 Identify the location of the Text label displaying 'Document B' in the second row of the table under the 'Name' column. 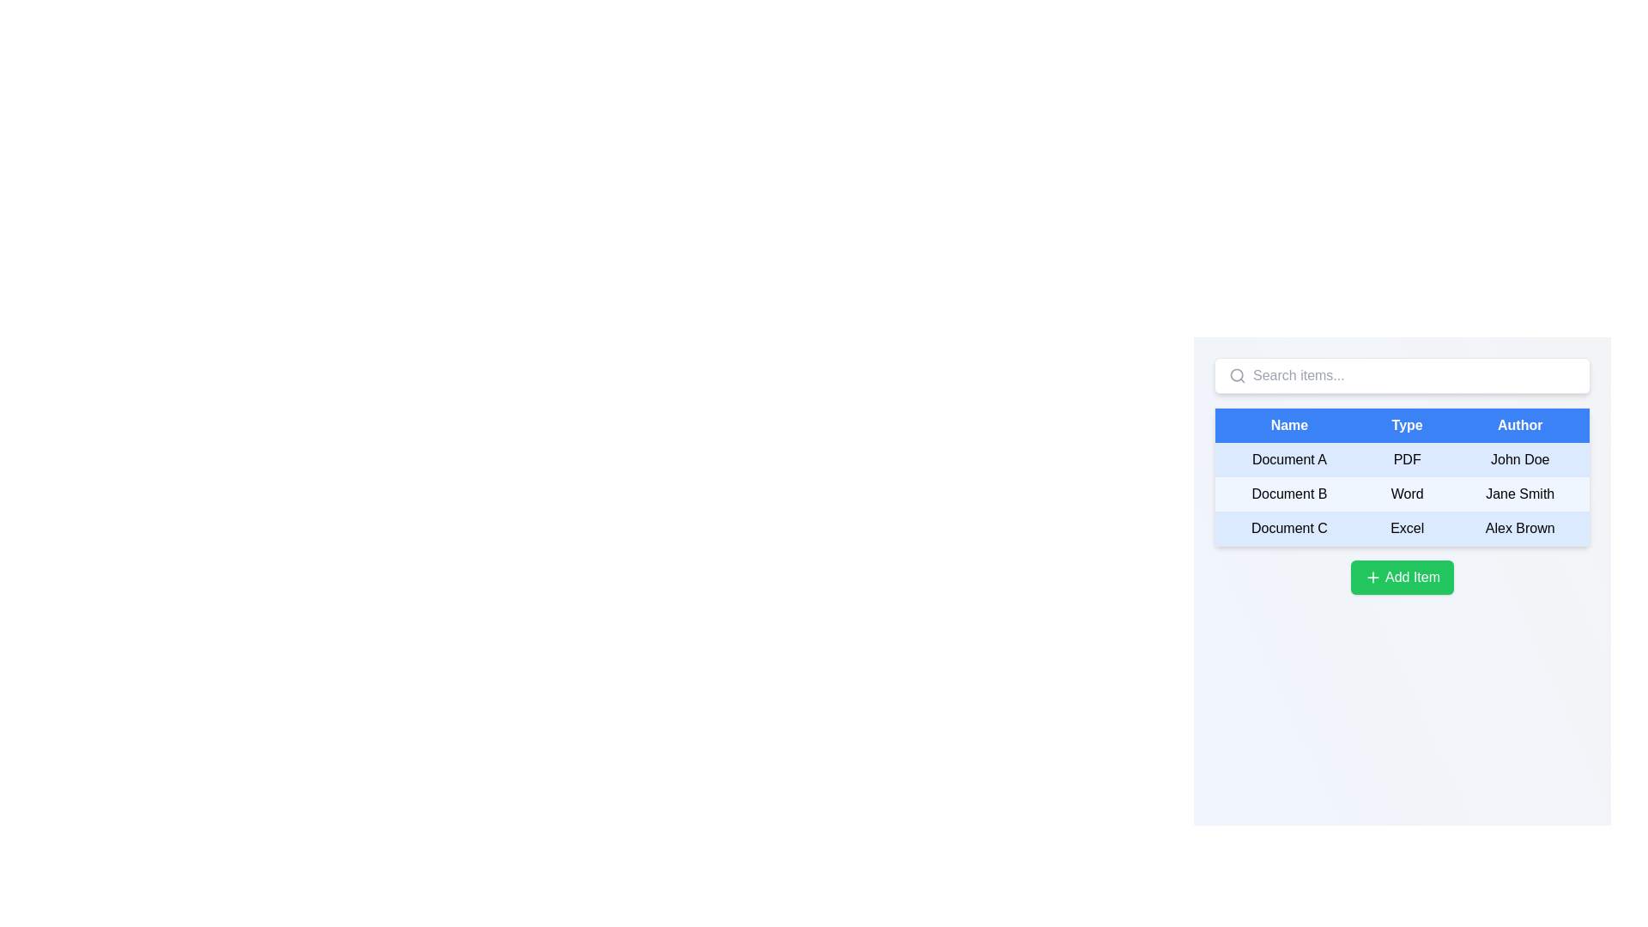
(1289, 494).